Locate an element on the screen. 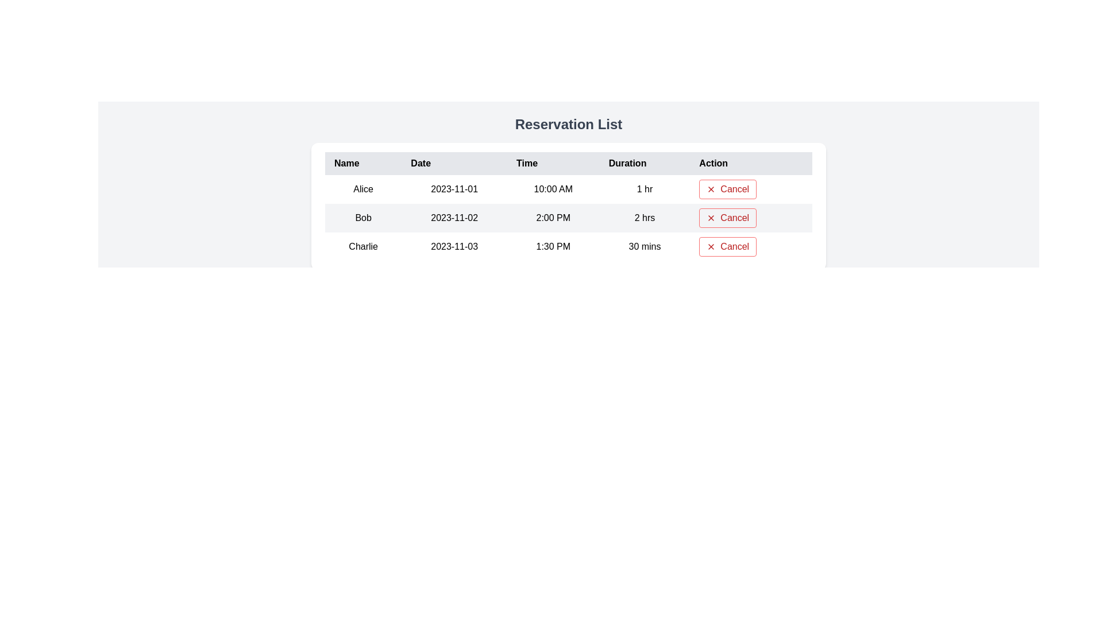 The width and height of the screenshot is (1103, 620). the static text displaying the time value for the reservation of user 'Alice' in the 'Time' column of the 'Reservation List' table is located at coordinates (553, 189).